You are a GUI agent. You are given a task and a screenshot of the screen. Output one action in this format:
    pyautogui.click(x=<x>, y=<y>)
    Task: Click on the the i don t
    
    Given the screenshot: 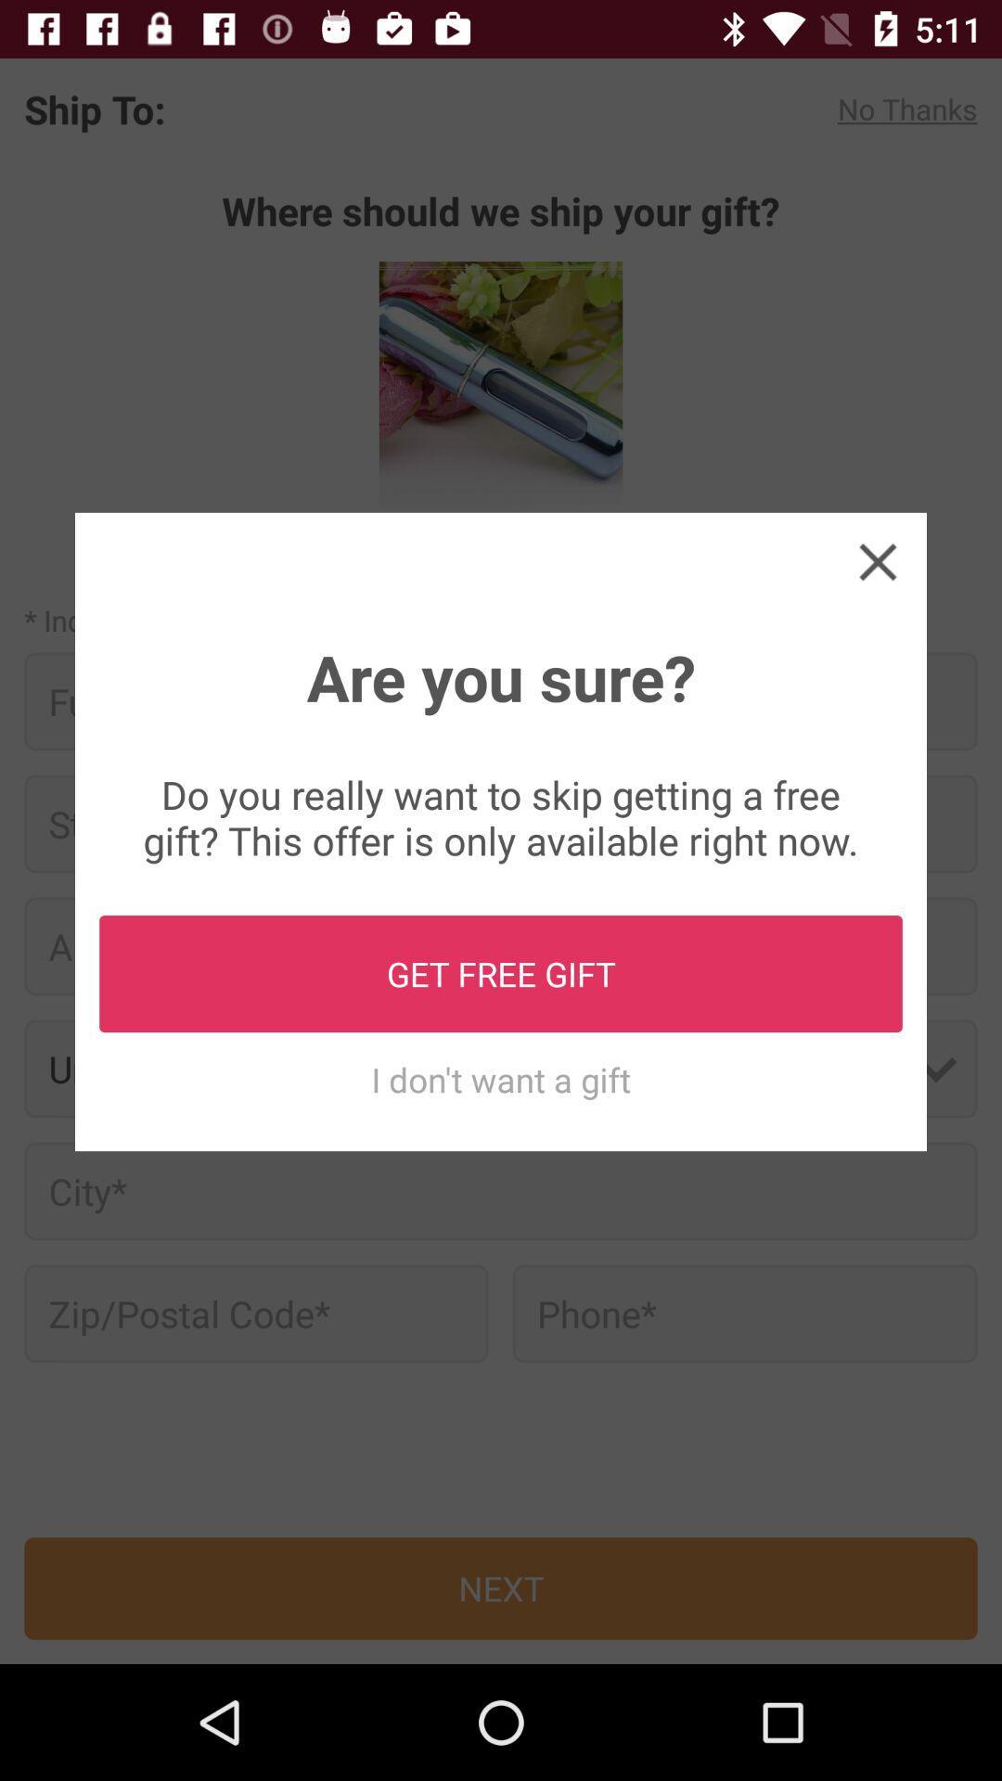 What is the action you would take?
    pyautogui.click(x=501, y=1079)
    